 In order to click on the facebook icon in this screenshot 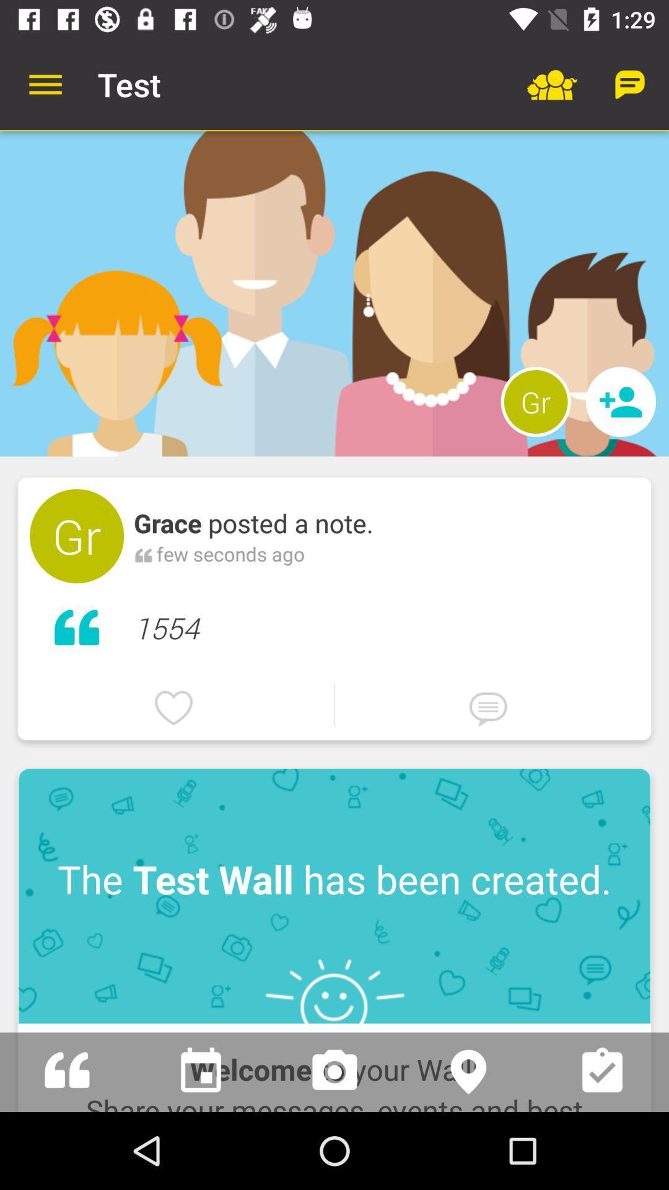, I will do `click(67, 1071)`.